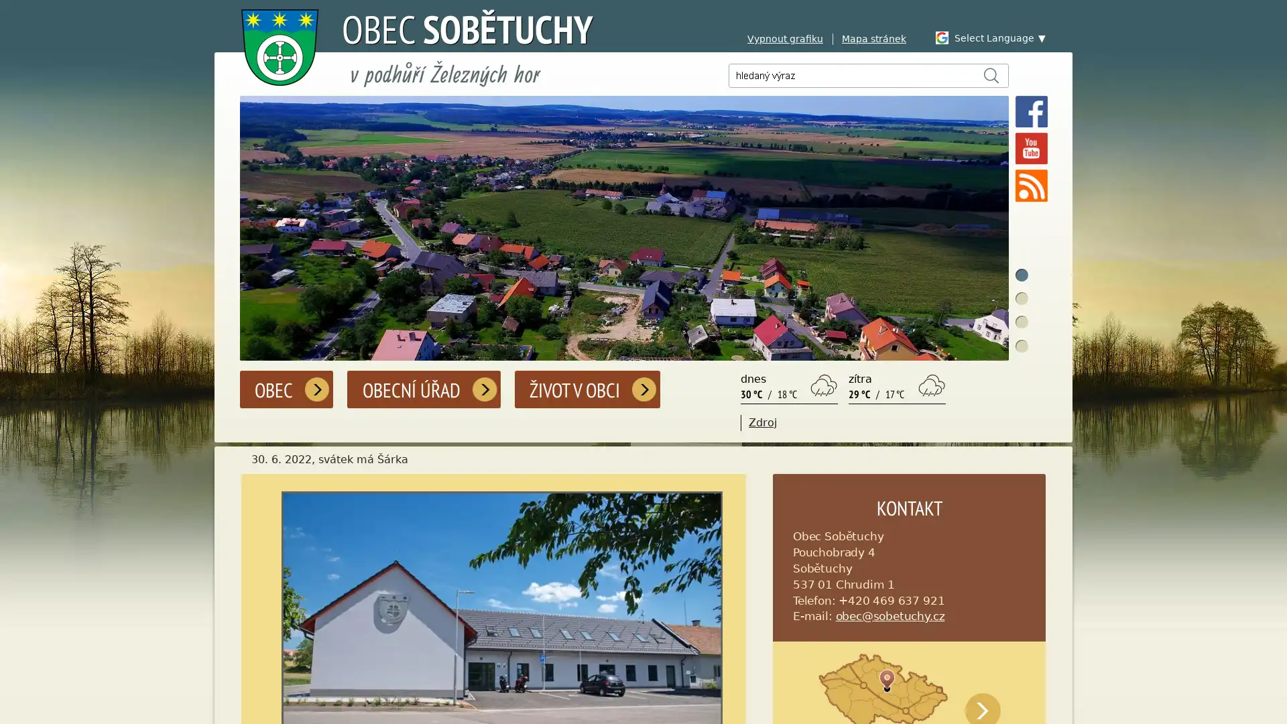 The image size is (1287, 724). I want to click on Hledat, so click(991, 74).